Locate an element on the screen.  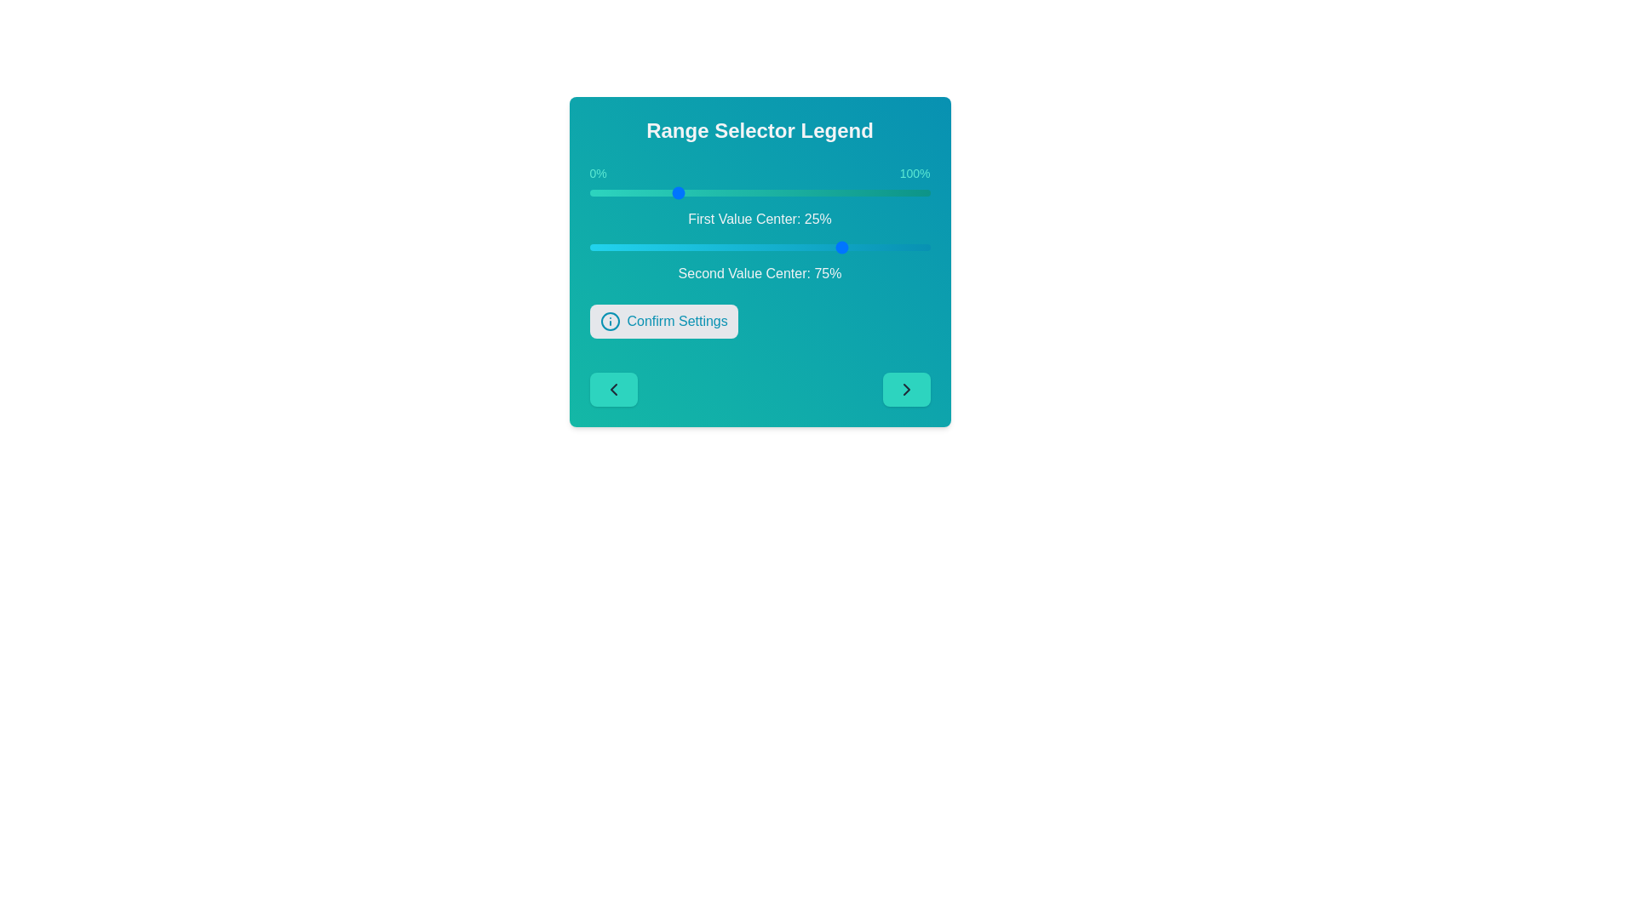
the teal-colored button with a left-pointing chevron arrow located in the bottom-left corner of the 'Range Selector Legend' control panel is located at coordinates (613, 390).